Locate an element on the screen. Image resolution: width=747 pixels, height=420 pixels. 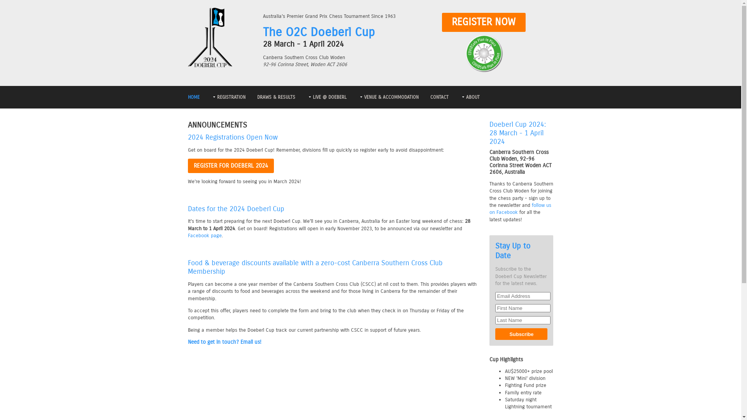
'REGISTRATION' is located at coordinates (227, 97).